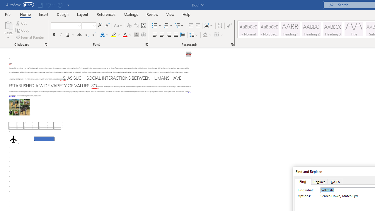 The image size is (375, 211). Describe the element at coordinates (319, 181) in the screenshot. I see `'Replace'` at that location.